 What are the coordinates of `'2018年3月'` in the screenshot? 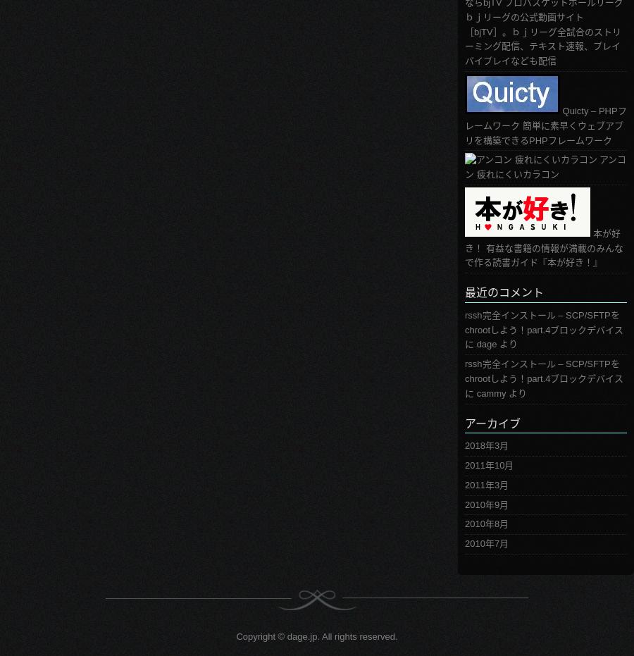 It's located at (486, 445).